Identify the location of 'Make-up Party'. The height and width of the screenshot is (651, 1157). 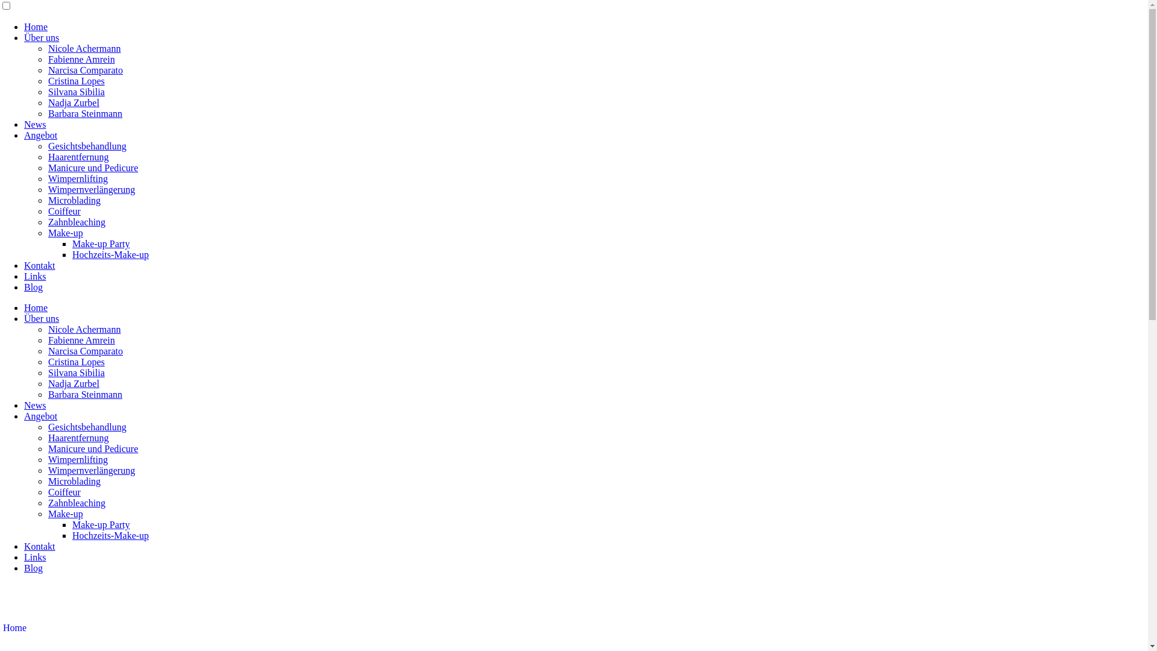
(101, 524).